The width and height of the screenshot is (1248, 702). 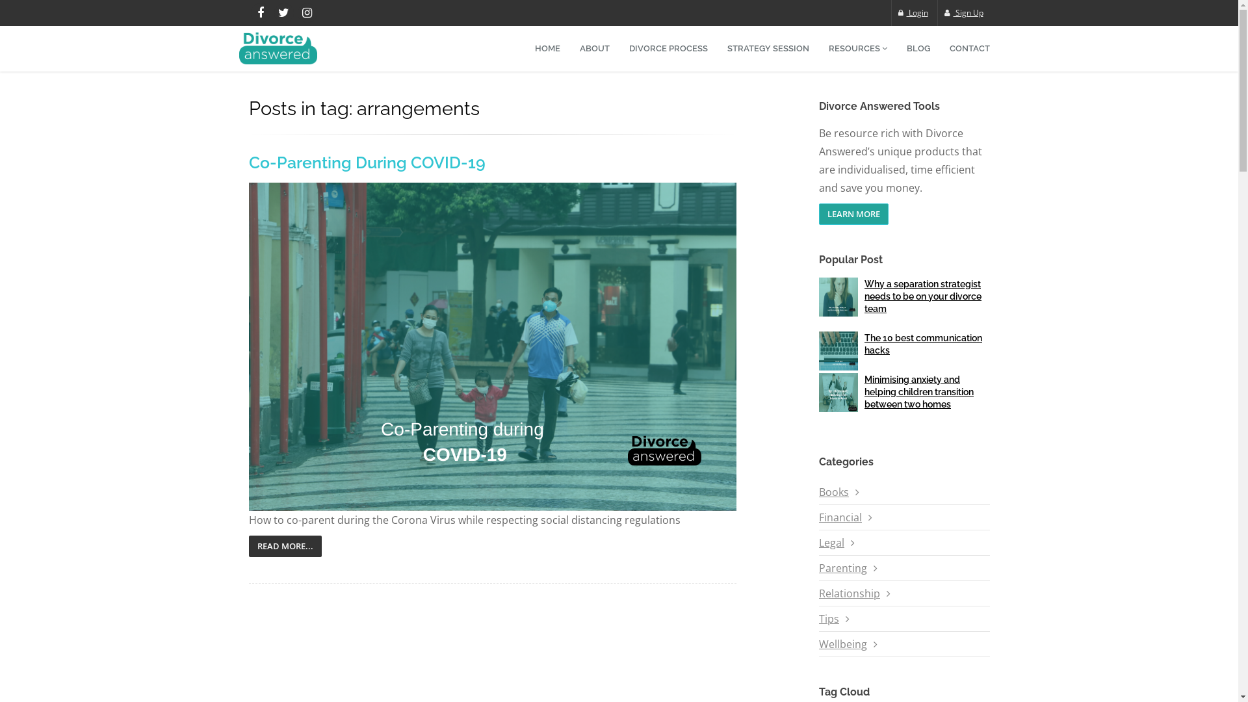 What do you see at coordinates (970, 47) in the screenshot?
I see `'CONTACT'` at bounding box center [970, 47].